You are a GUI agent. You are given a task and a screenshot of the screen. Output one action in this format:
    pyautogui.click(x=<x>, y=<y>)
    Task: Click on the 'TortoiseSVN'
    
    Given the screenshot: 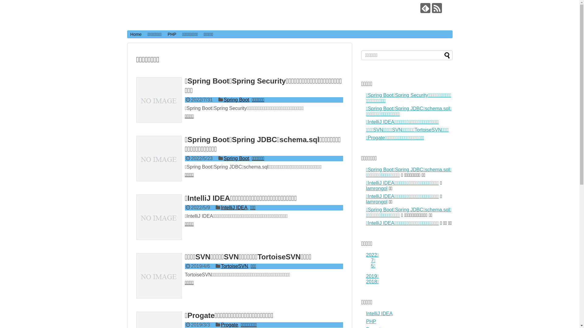 What is the action you would take?
    pyautogui.click(x=234, y=266)
    